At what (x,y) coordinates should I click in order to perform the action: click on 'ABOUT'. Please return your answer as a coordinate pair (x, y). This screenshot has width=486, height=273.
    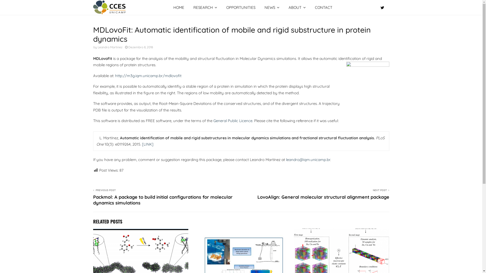
    Looking at the image, I should click on (297, 8).